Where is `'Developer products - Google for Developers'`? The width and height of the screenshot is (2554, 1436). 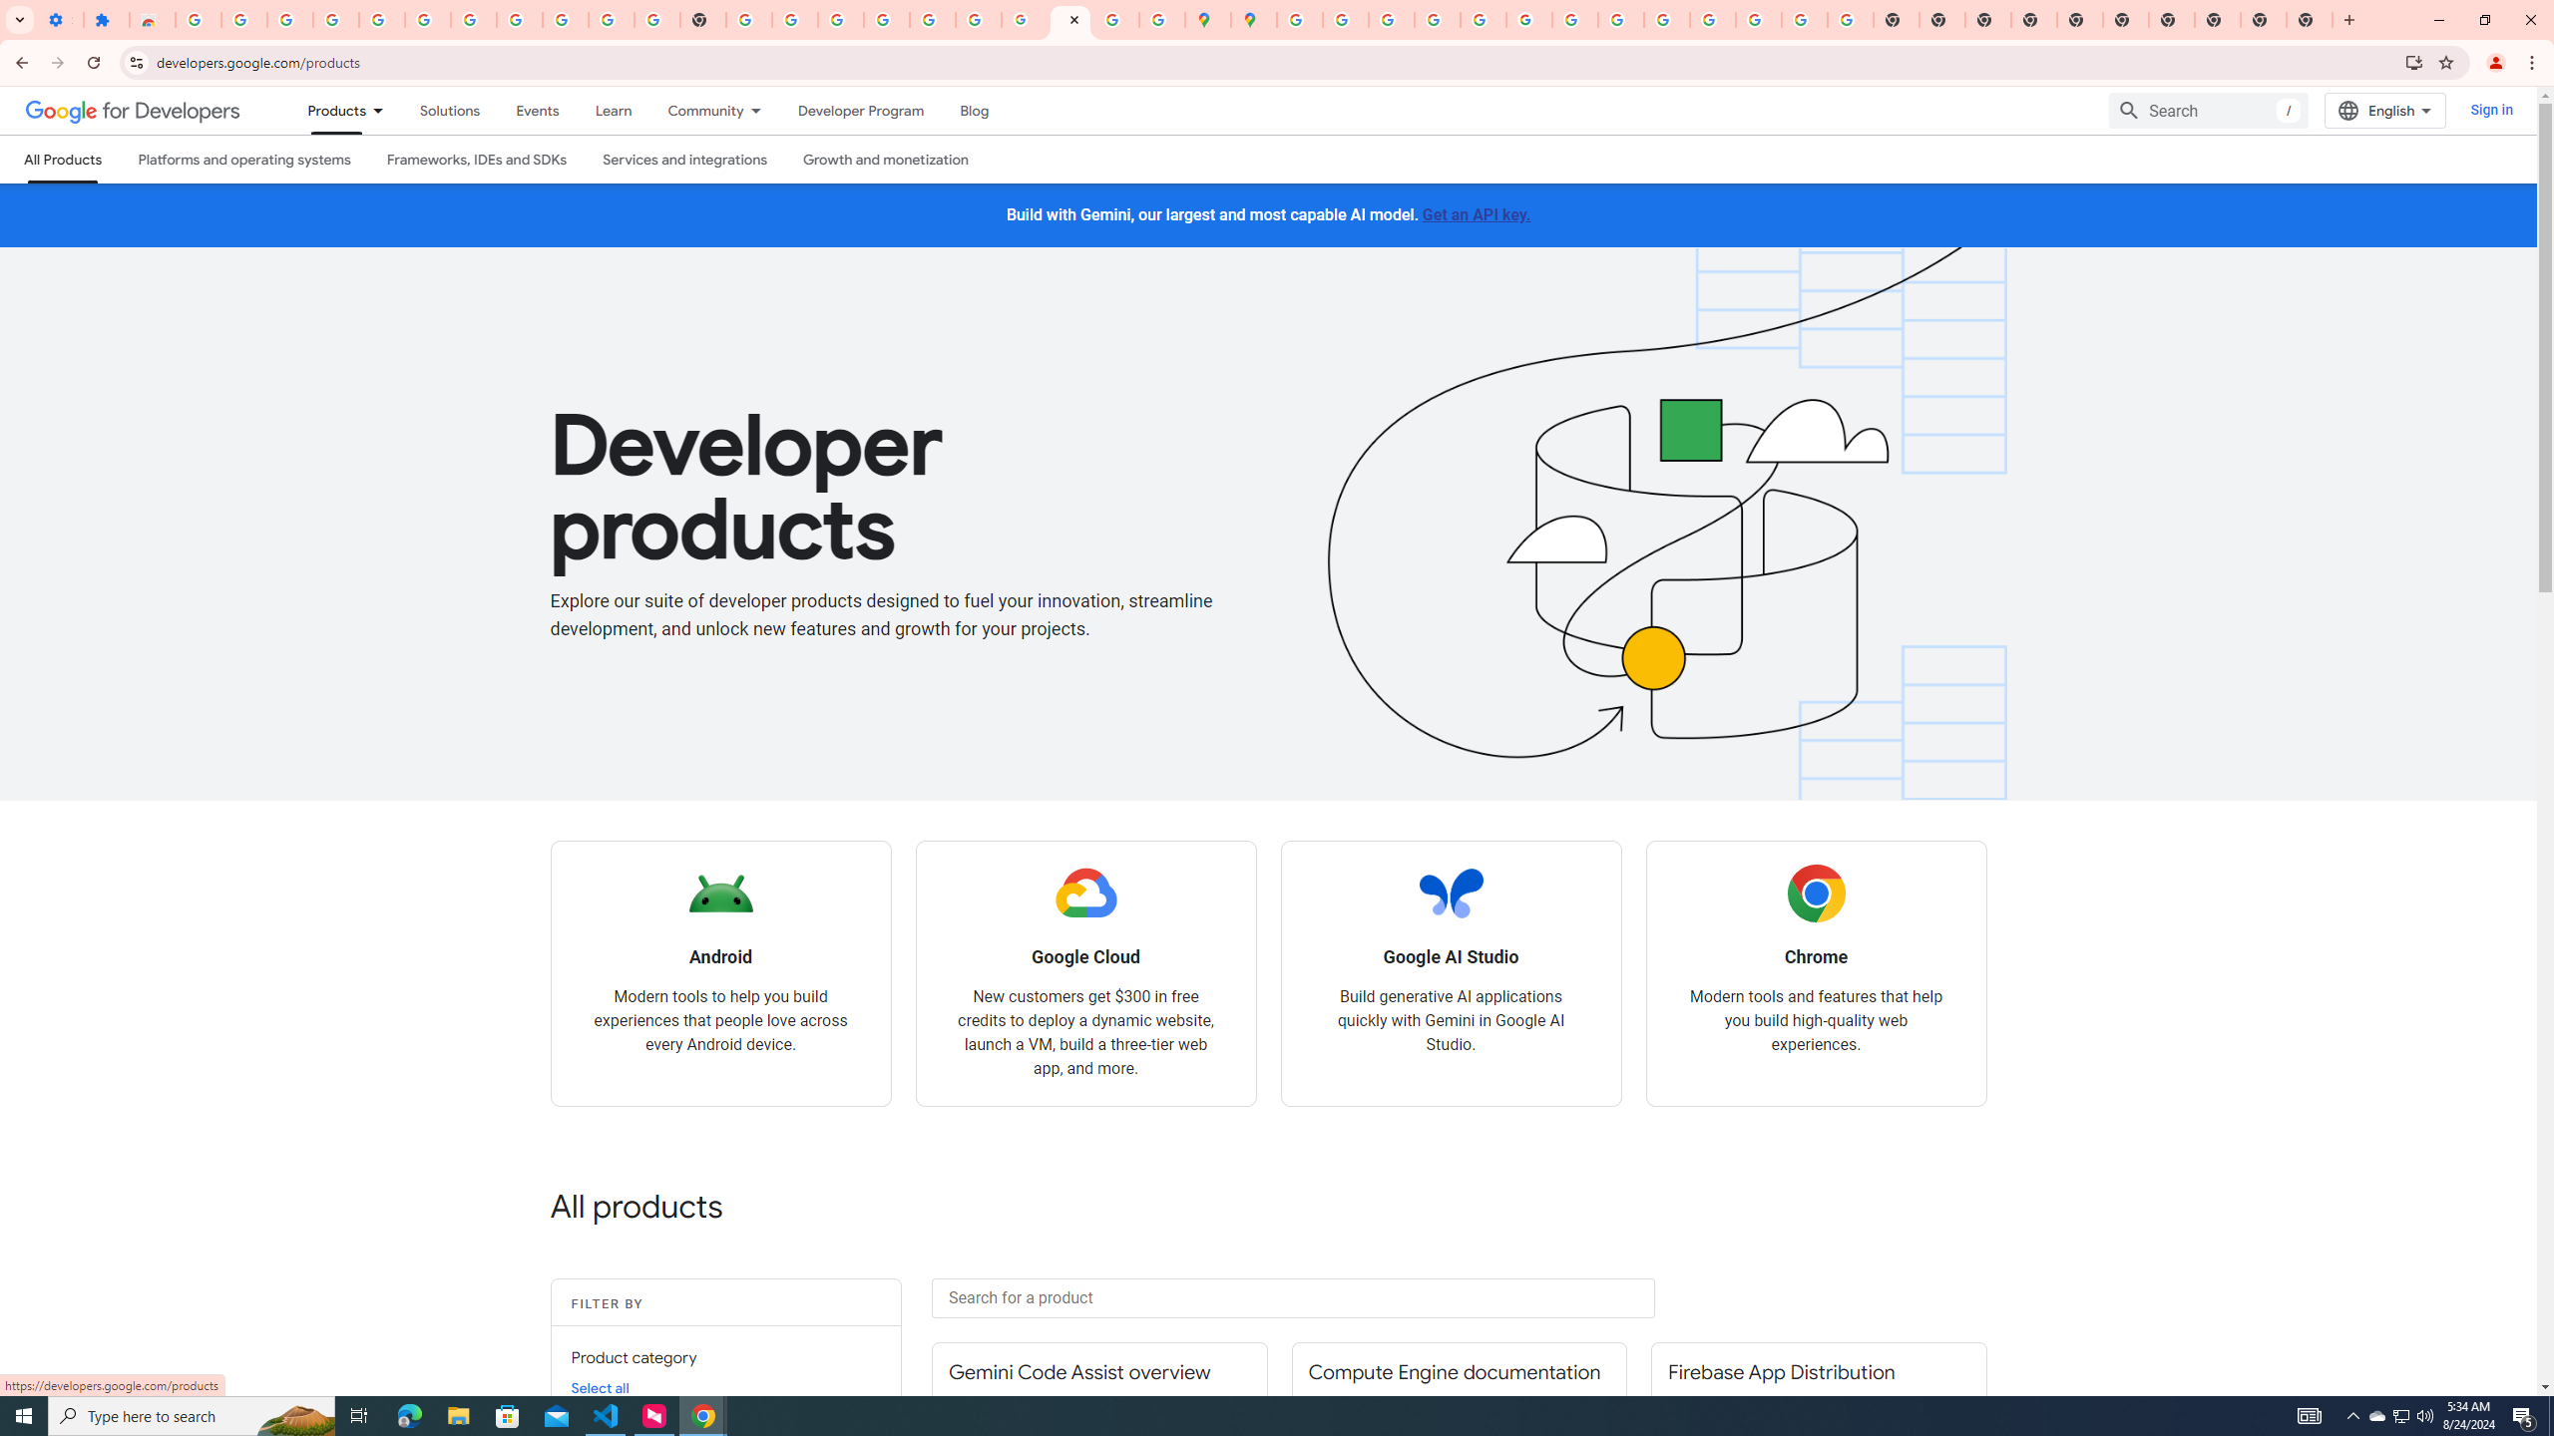
'Developer products - Google for Developers' is located at coordinates (1069, 19).